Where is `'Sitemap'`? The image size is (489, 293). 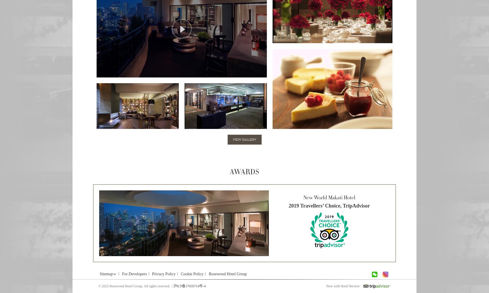
'Sitemap' is located at coordinates (106, 274).